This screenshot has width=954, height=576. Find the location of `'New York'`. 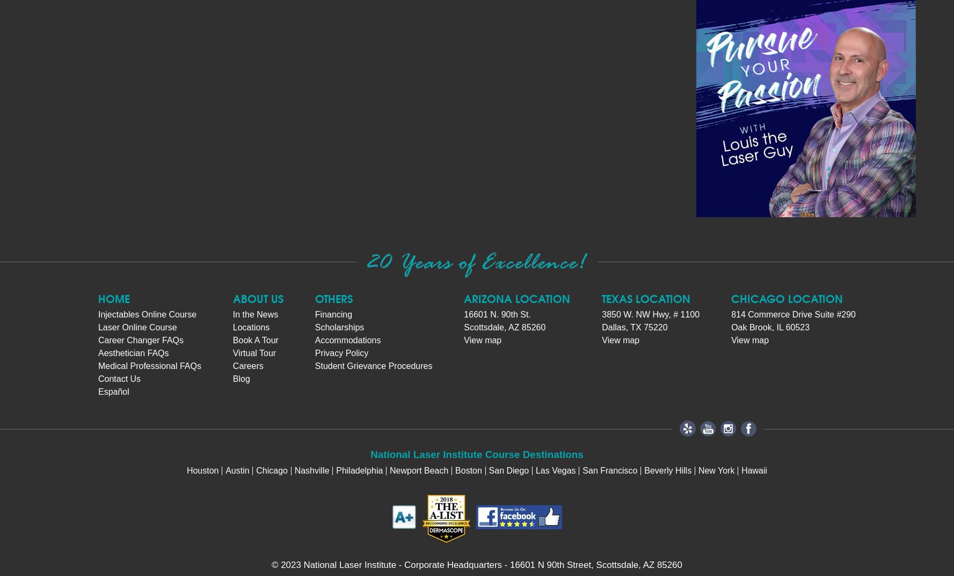

'New York' is located at coordinates (716, 469).